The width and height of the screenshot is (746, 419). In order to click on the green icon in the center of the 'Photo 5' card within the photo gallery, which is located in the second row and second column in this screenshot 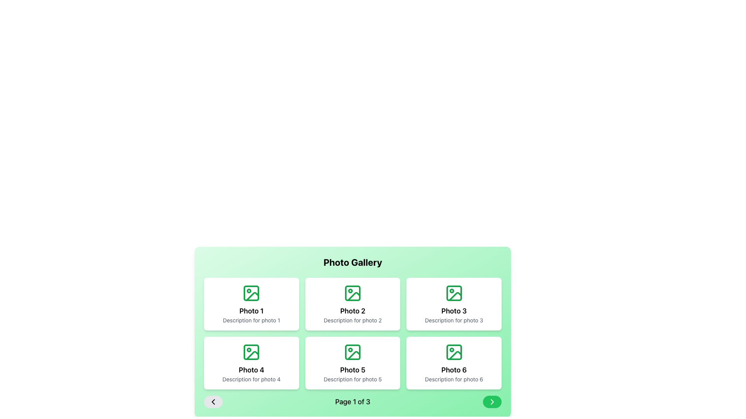, I will do `click(352, 352)`.